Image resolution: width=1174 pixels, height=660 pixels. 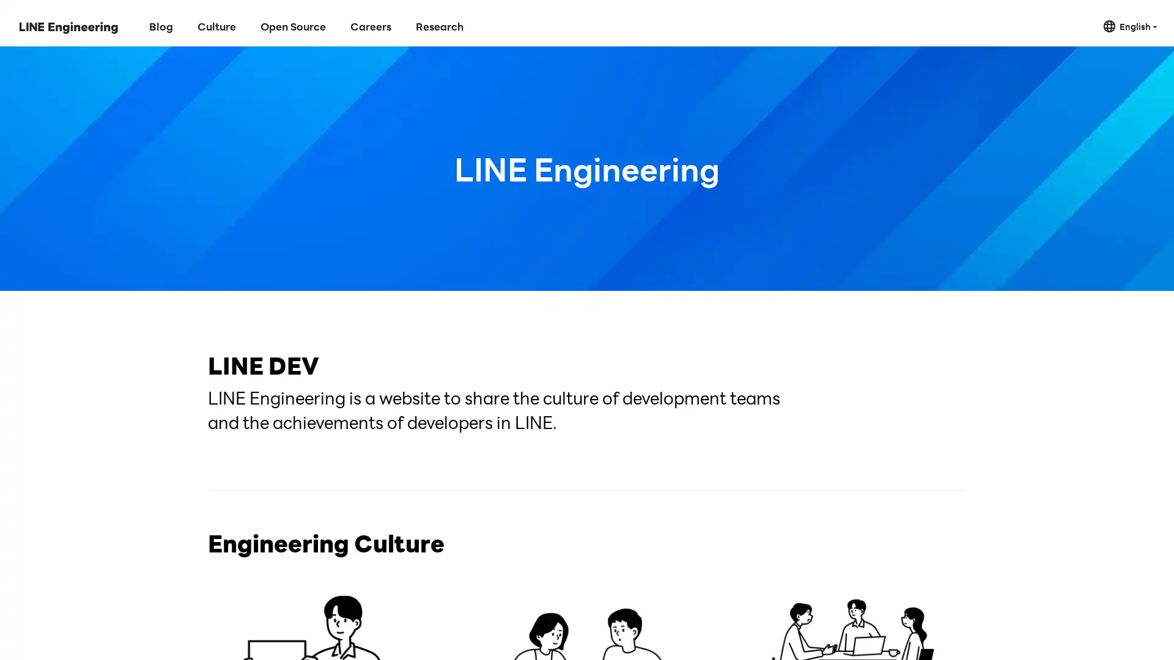 I want to click on Close, so click(x=1150, y=27).